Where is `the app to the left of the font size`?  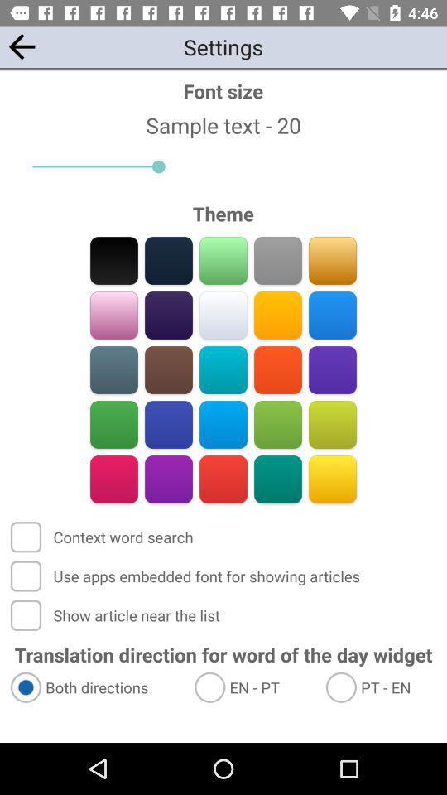
the app to the left of the font size is located at coordinates (21, 46).